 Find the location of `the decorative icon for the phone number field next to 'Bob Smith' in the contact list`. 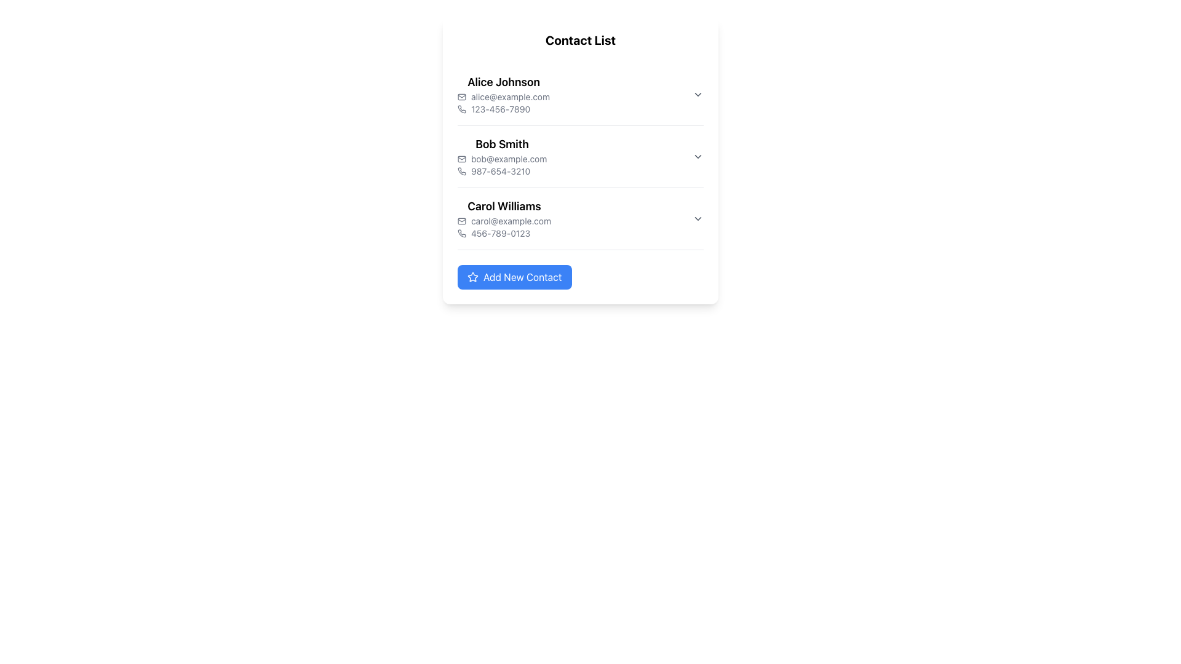

the decorative icon for the phone number field next to 'Bob Smith' in the contact list is located at coordinates (461, 171).